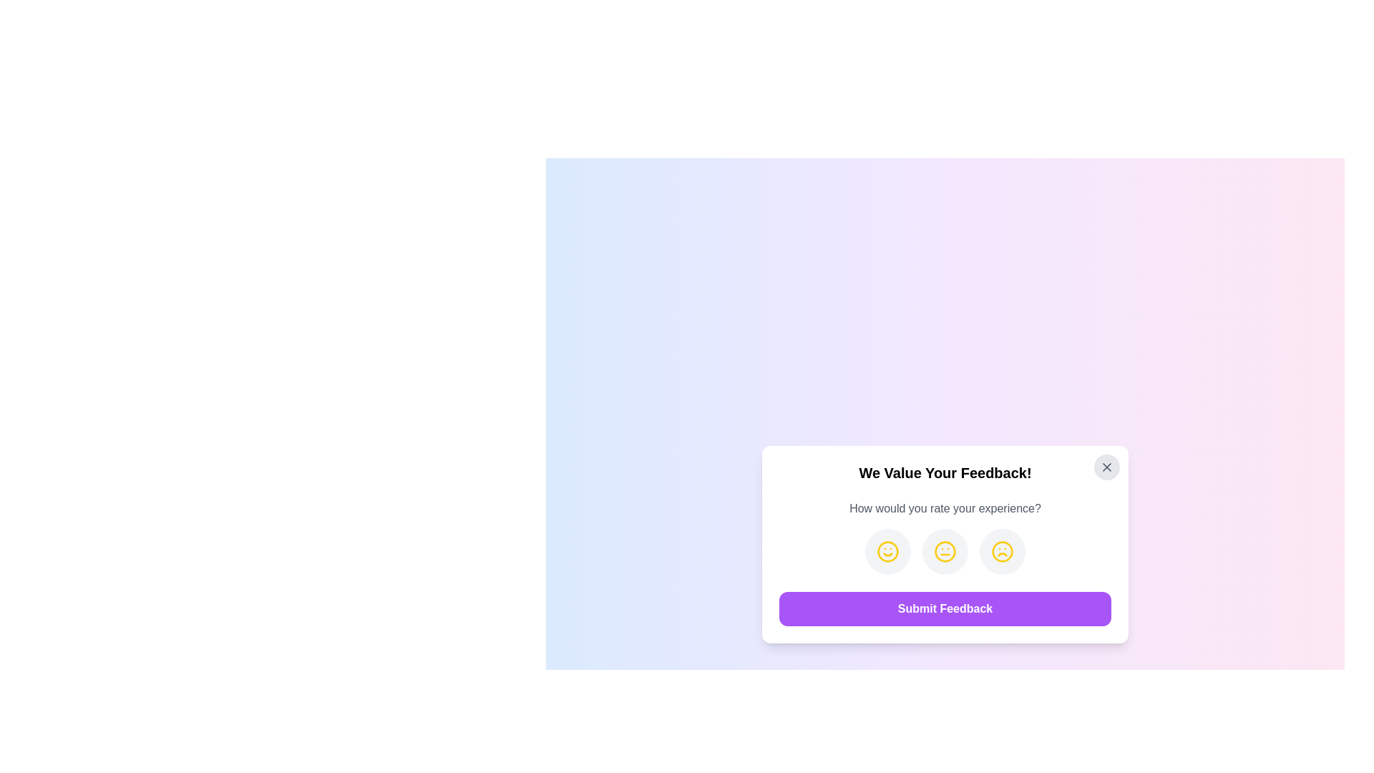 This screenshot has width=1374, height=773. Describe the element at coordinates (1106, 467) in the screenshot. I see `the close (X) button located at the top-right corner of the feedback modal` at that location.